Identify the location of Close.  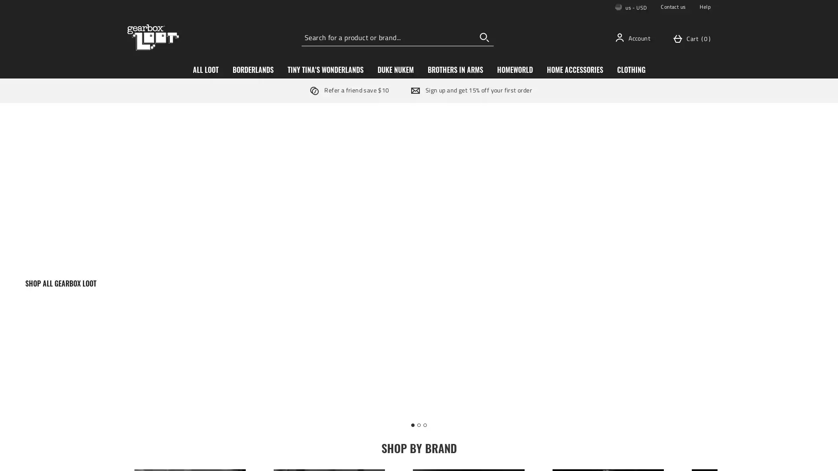
(552, 142).